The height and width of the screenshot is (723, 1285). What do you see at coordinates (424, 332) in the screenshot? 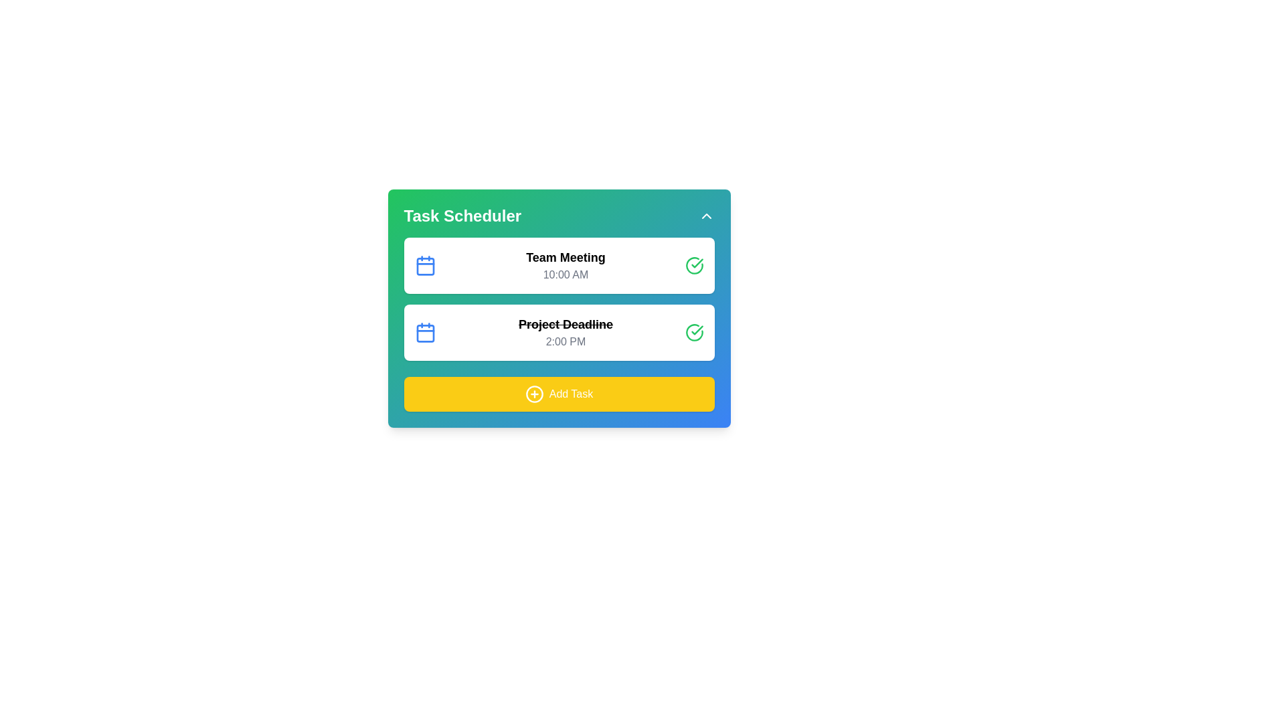
I see `the calendar icon with a blue outline that represents a calendar, located to the left of the text 'Project Deadline' and '2:00 PM'` at bounding box center [424, 332].